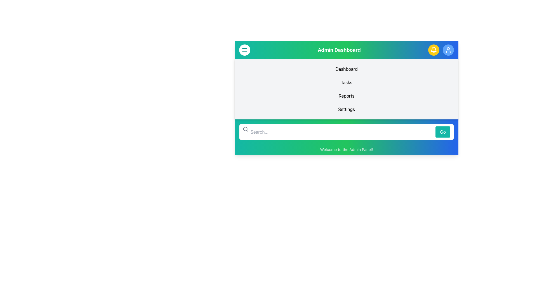 The image size is (537, 302). What do you see at coordinates (244, 49) in the screenshot?
I see `the menu toggle button with an icon located in the header bar, positioned to the left of the 'Admin Dashboard' text` at bounding box center [244, 49].